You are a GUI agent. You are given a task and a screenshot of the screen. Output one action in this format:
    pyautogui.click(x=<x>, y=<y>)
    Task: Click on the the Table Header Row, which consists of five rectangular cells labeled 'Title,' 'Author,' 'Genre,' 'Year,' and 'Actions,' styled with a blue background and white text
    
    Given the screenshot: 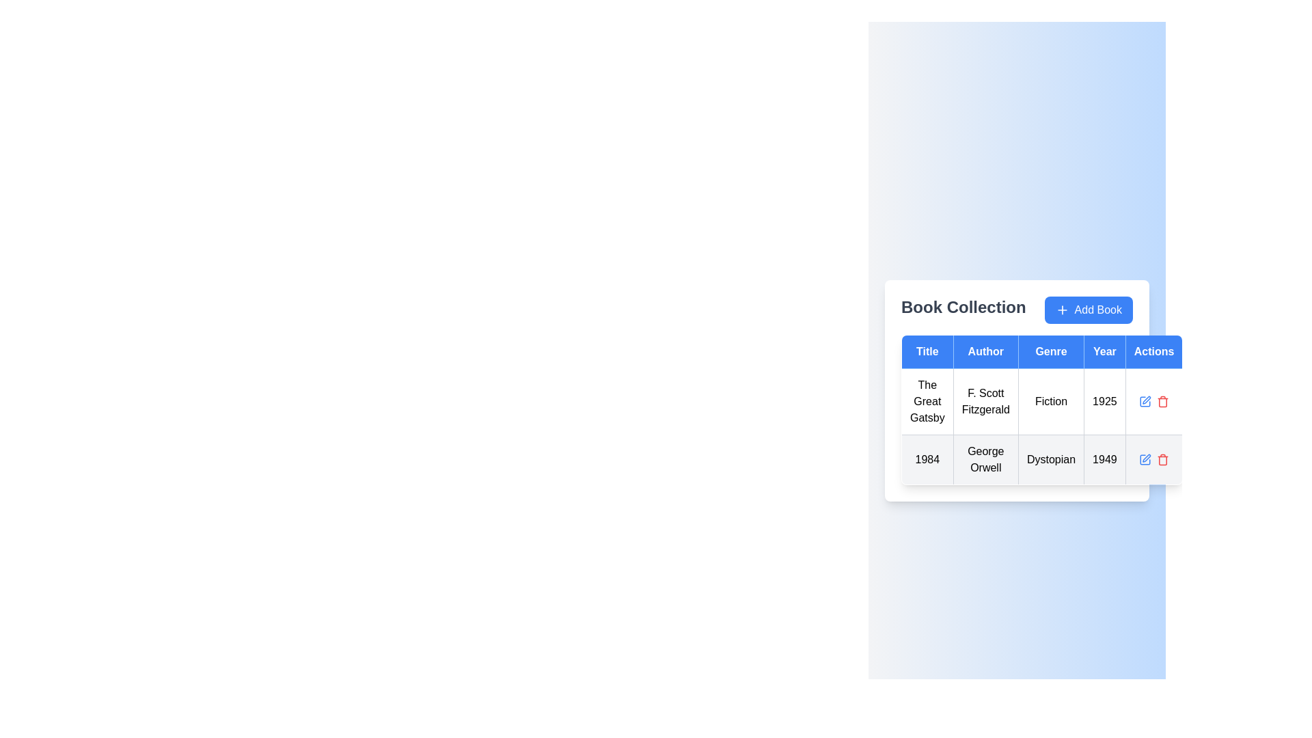 What is the action you would take?
    pyautogui.click(x=1041, y=351)
    